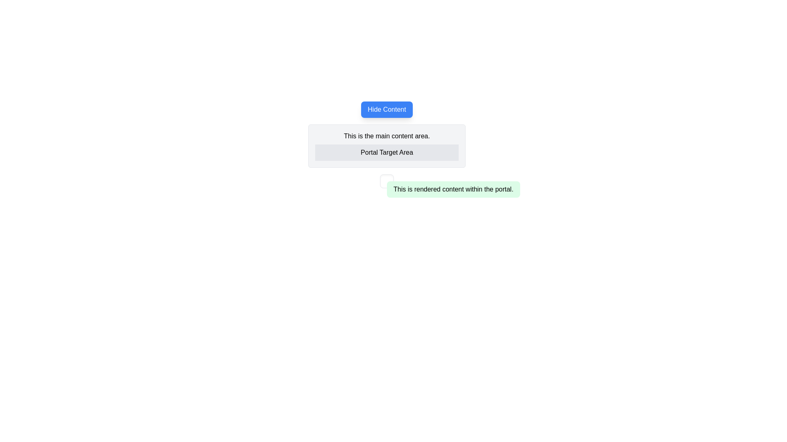  Describe the element at coordinates (387, 109) in the screenshot. I see `the button with rounded corners and a blue background that reads 'Hide Content' to change its visual state` at that location.